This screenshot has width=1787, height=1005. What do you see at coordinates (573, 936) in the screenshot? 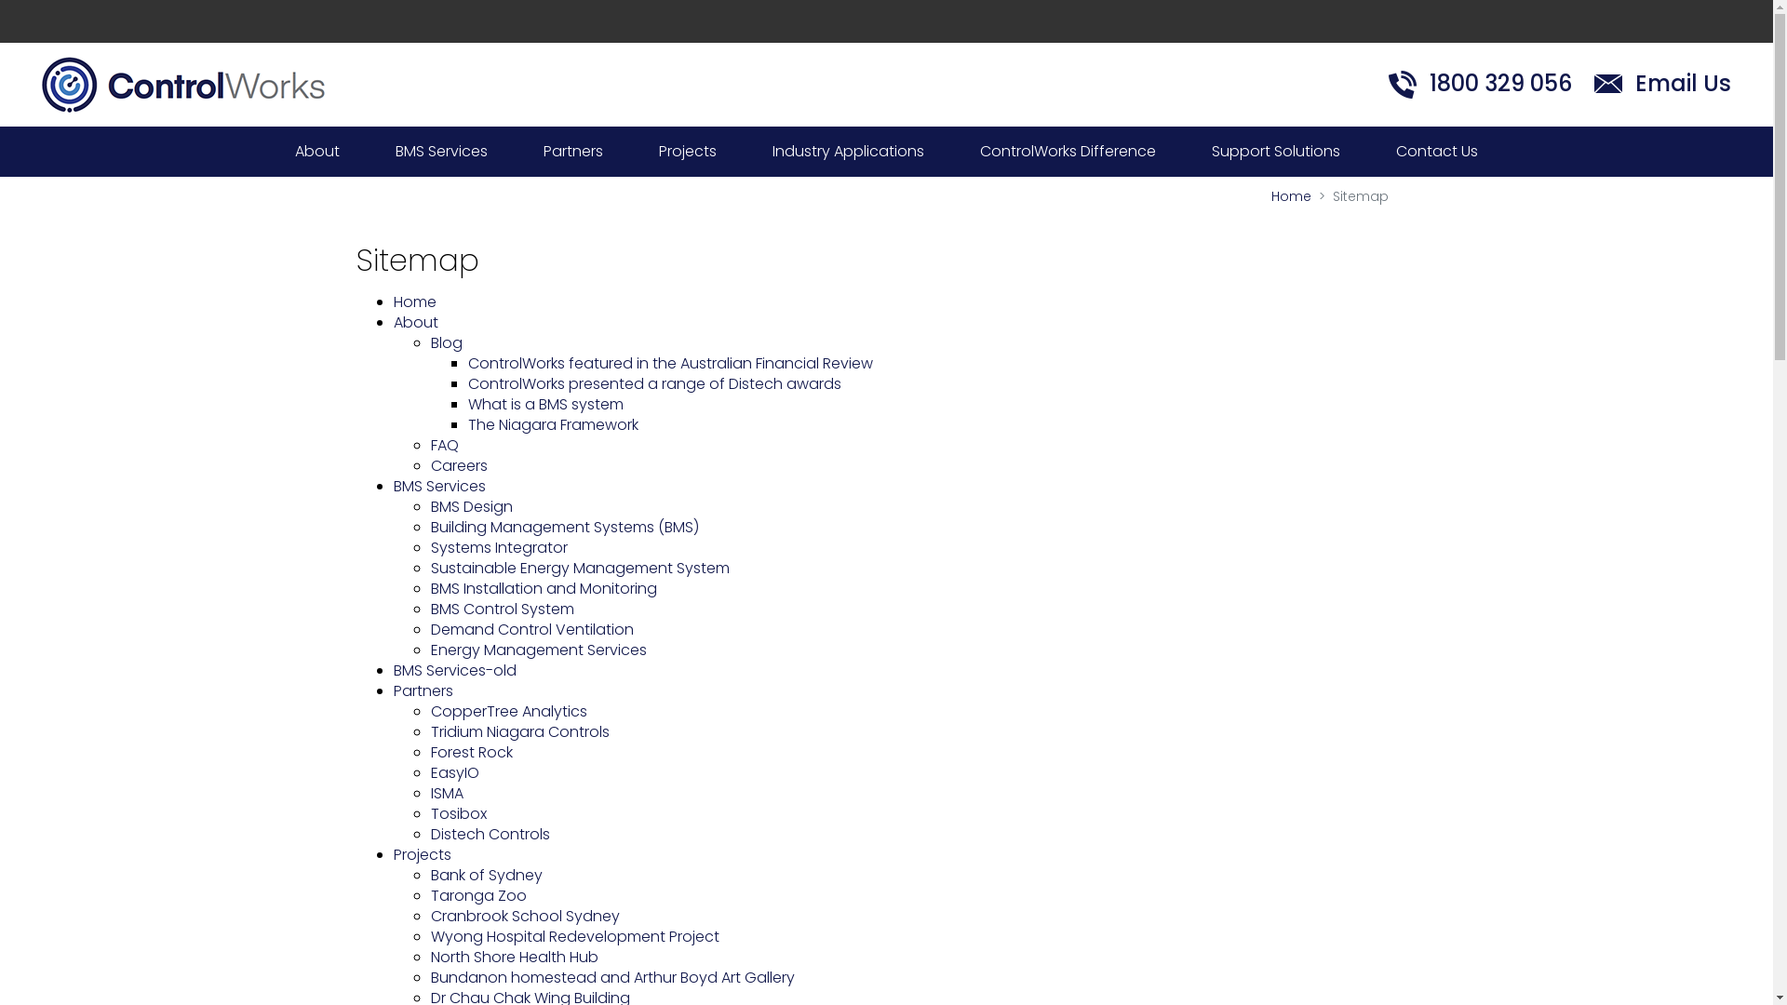
I see `'Wyong Hospital Redevelopment Project'` at bounding box center [573, 936].